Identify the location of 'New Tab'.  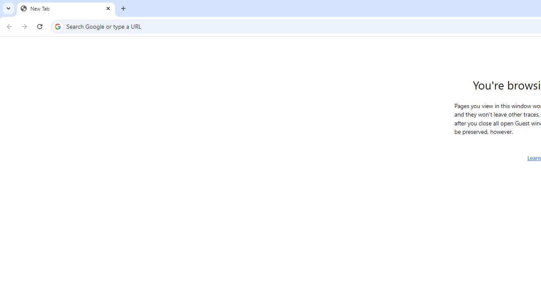
(66, 8).